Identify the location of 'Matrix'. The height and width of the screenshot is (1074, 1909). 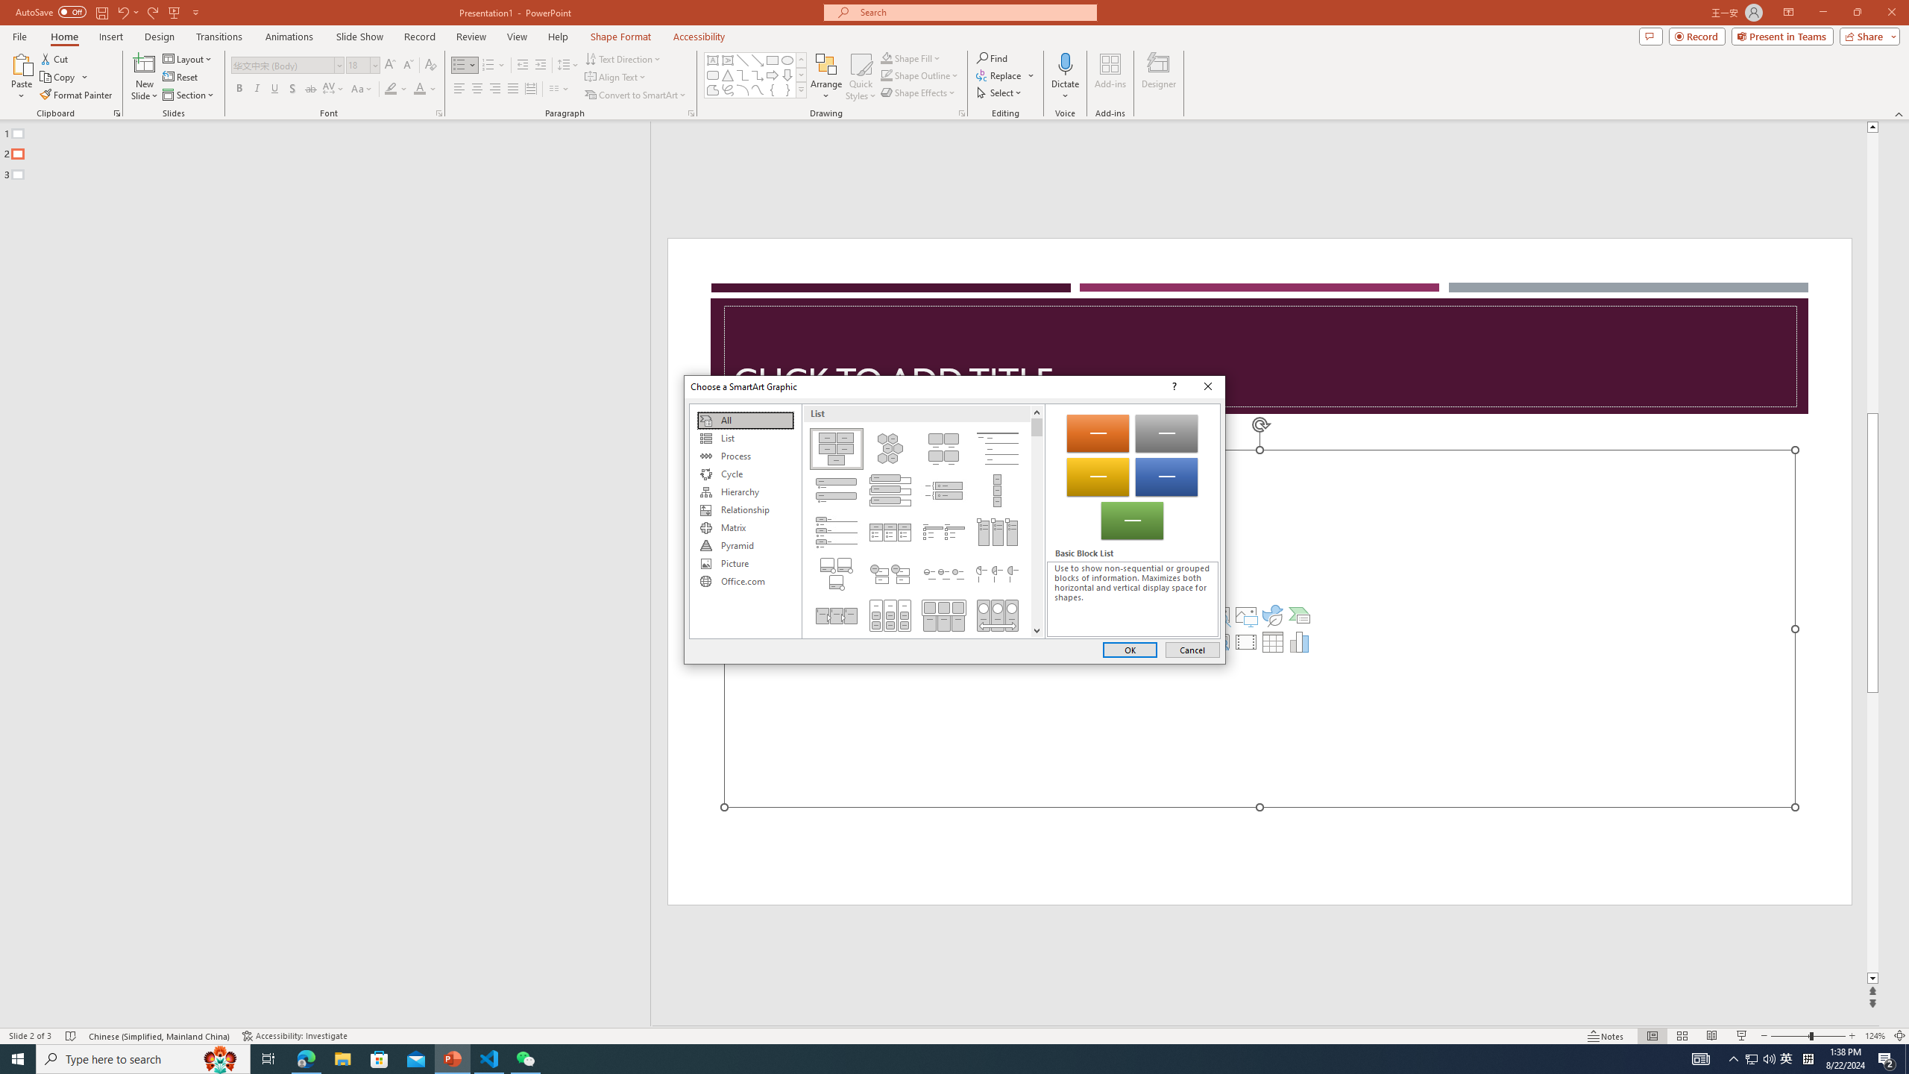
(744, 527).